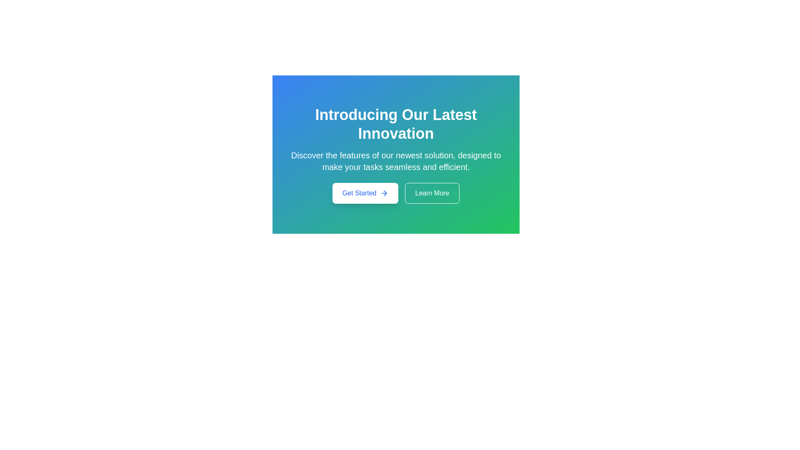 The height and width of the screenshot is (450, 800). What do you see at coordinates (383, 193) in the screenshot?
I see `the rightward-pointing arrow icon within the 'Get Started' button, which is located at the bottom-left of the modal` at bounding box center [383, 193].